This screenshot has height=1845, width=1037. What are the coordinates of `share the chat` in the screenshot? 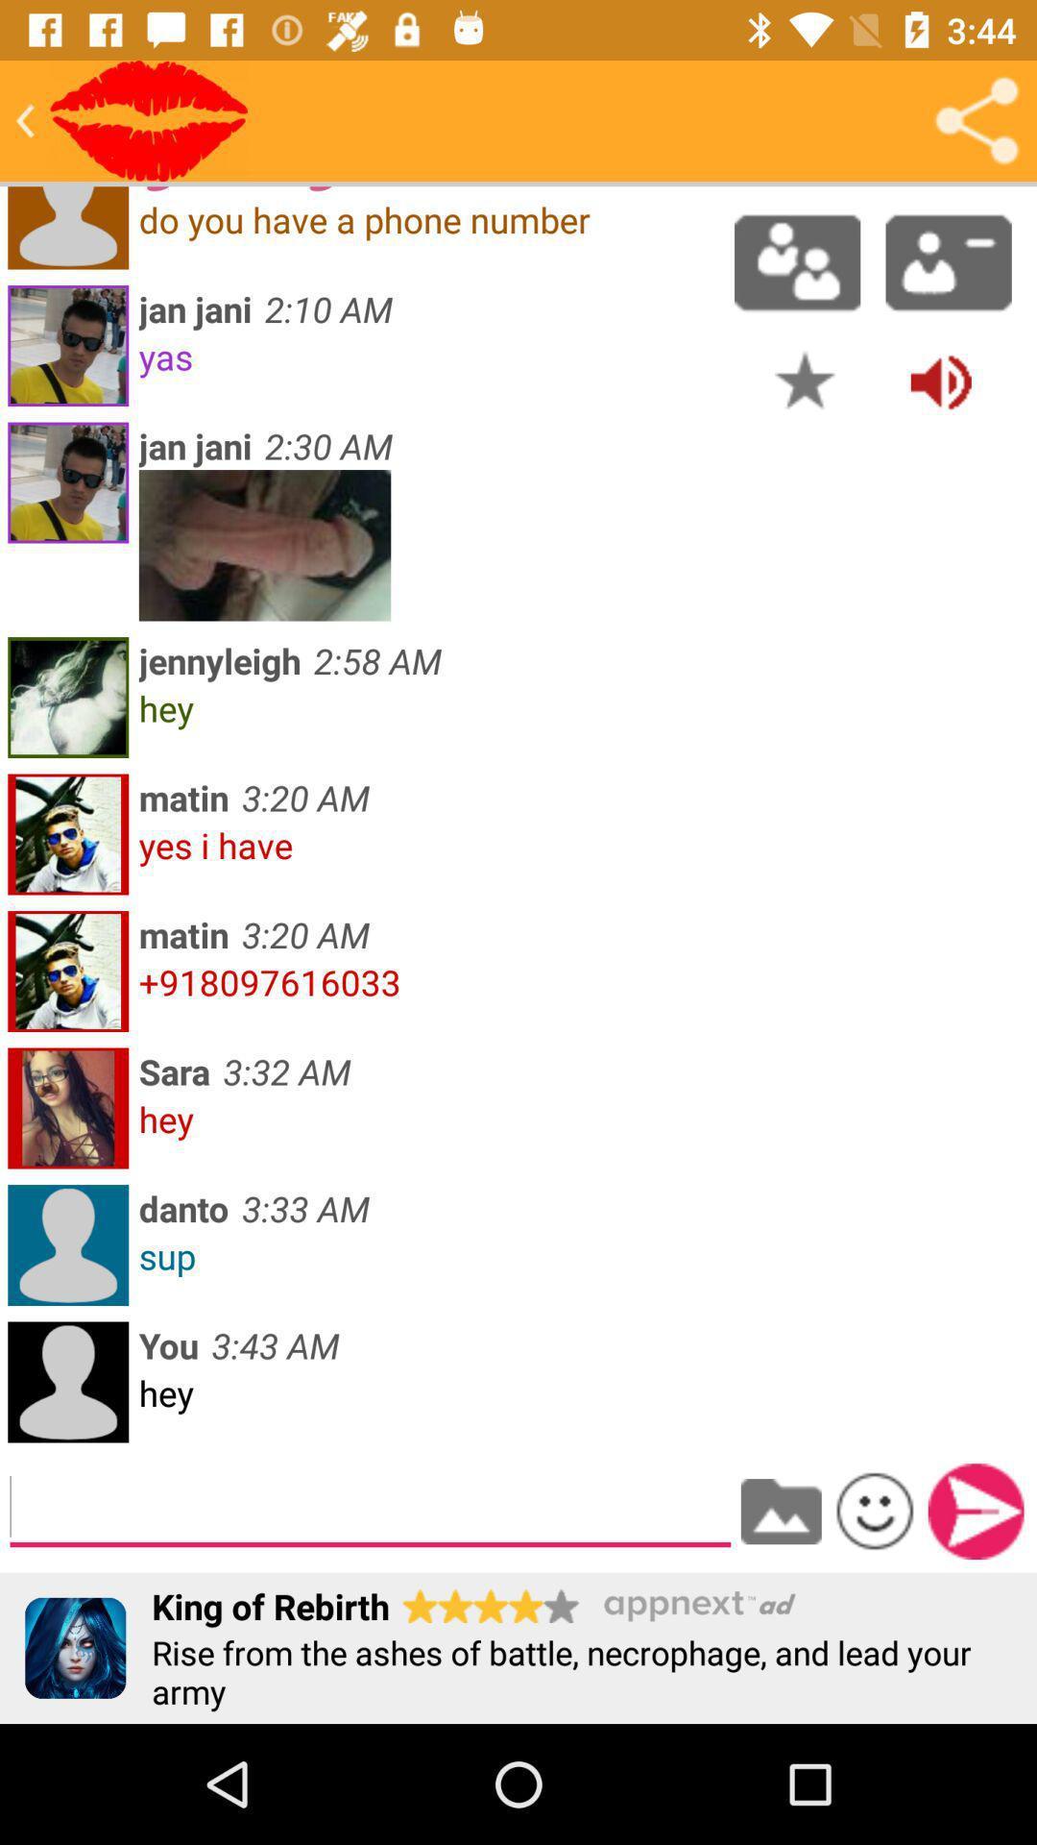 It's located at (977, 119).